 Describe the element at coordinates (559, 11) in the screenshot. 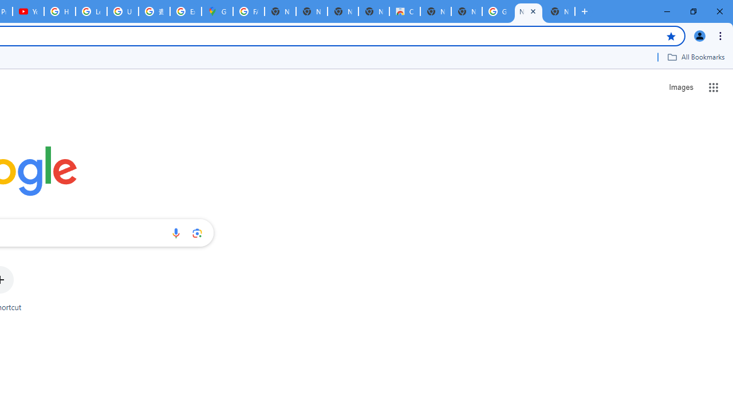

I see `'New Tab'` at that location.